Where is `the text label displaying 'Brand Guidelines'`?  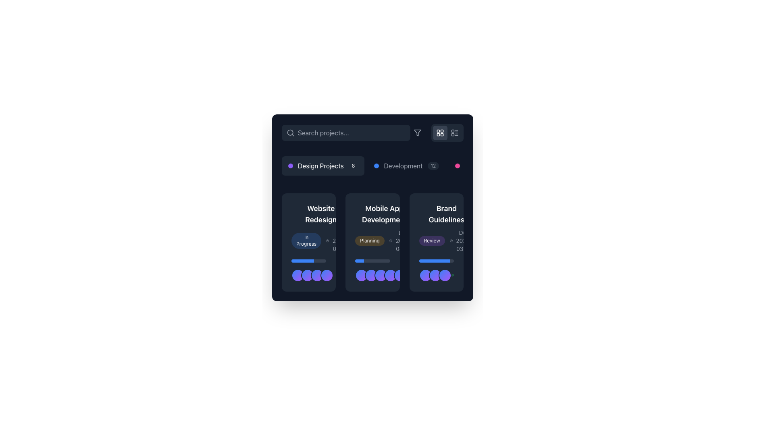
the text label displaying 'Brand Guidelines' is located at coordinates (446, 214).